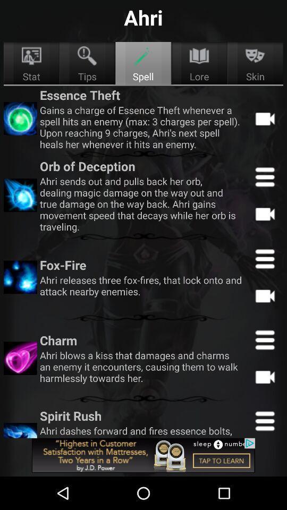  What do you see at coordinates (264, 420) in the screenshot?
I see `open menu` at bounding box center [264, 420].